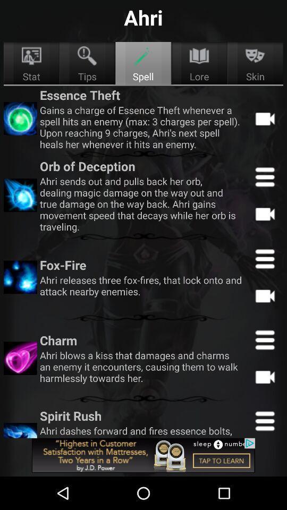  What do you see at coordinates (264, 420) in the screenshot?
I see `open menu` at bounding box center [264, 420].